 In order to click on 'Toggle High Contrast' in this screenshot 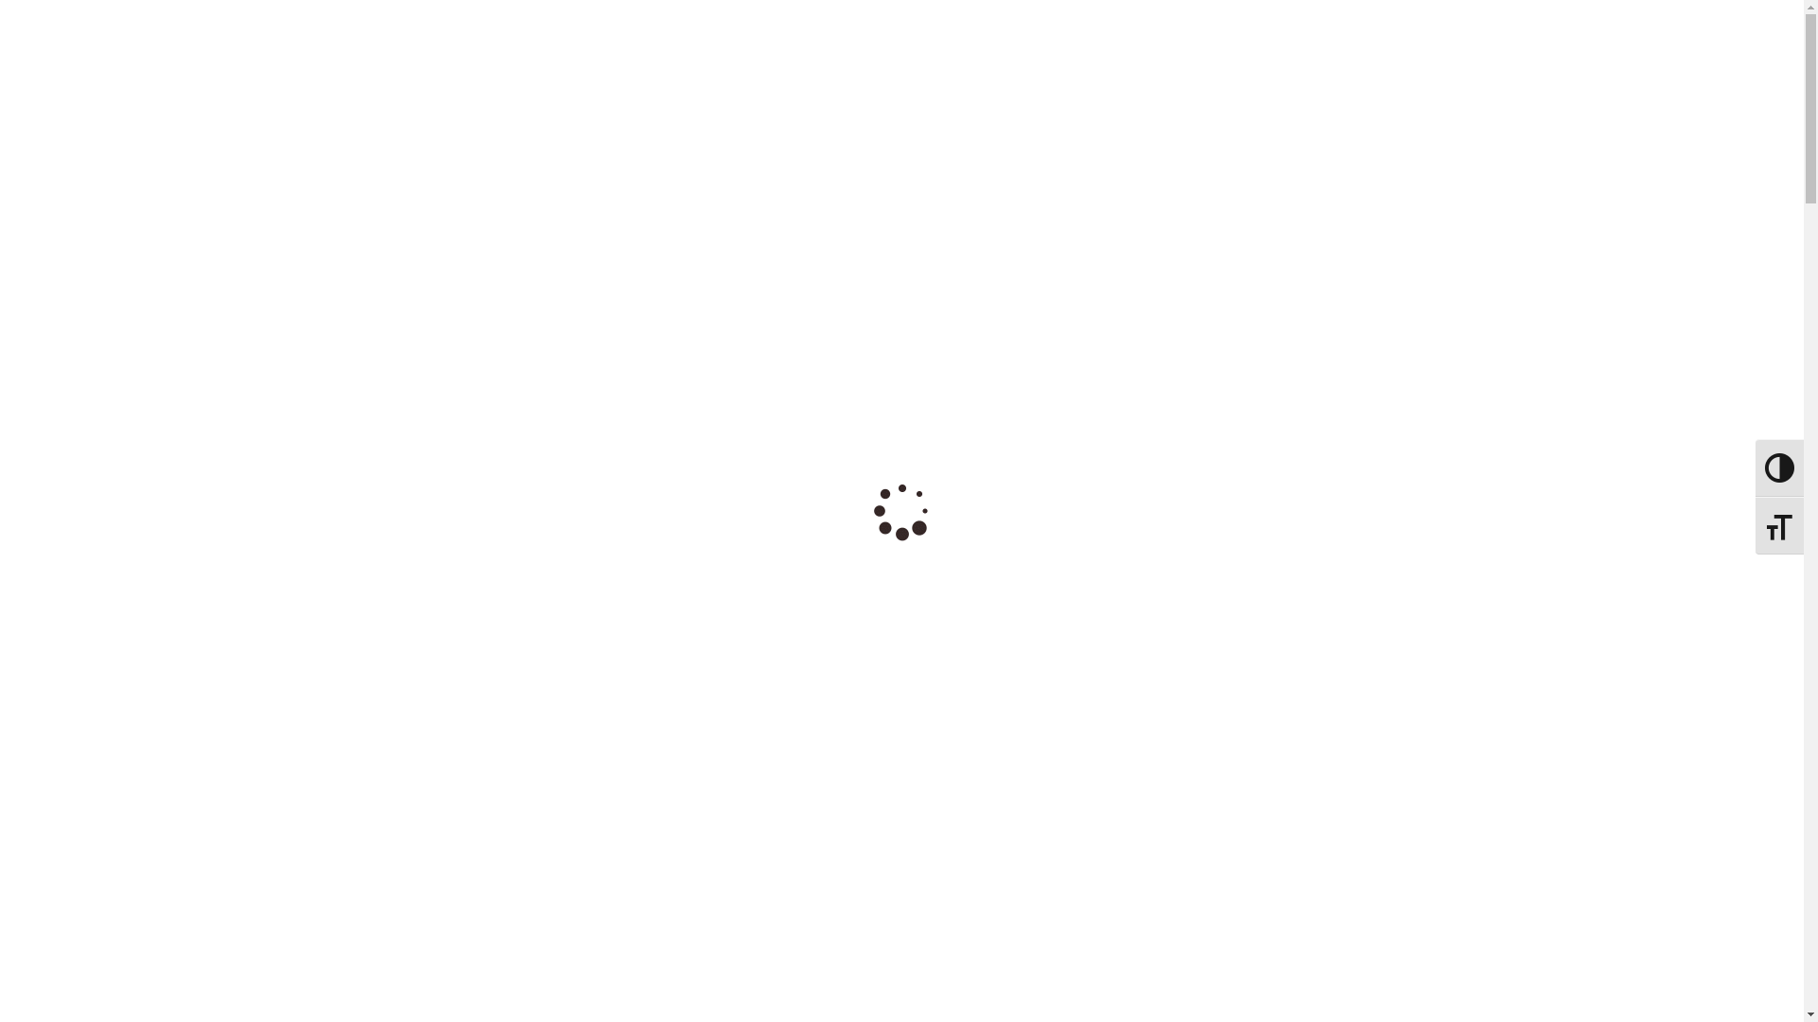, I will do `click(1754, 467)`.